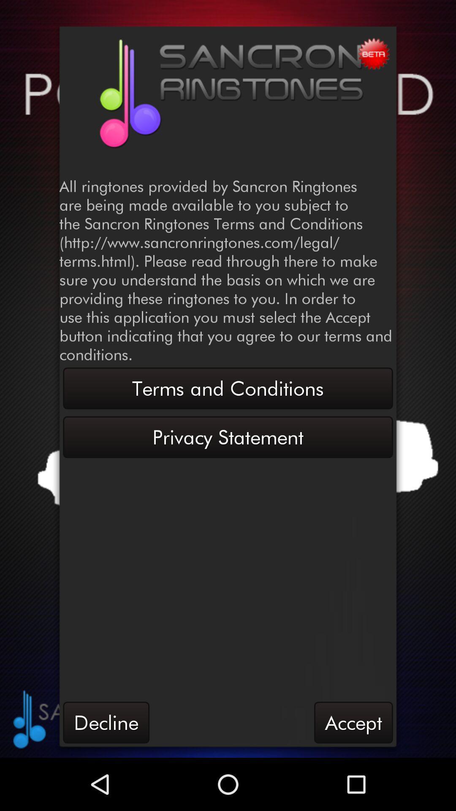  What do you see at coordinates (353, 722) in the screenshot?
I see `item below privacy statement item` at bounding box center [353, 722].